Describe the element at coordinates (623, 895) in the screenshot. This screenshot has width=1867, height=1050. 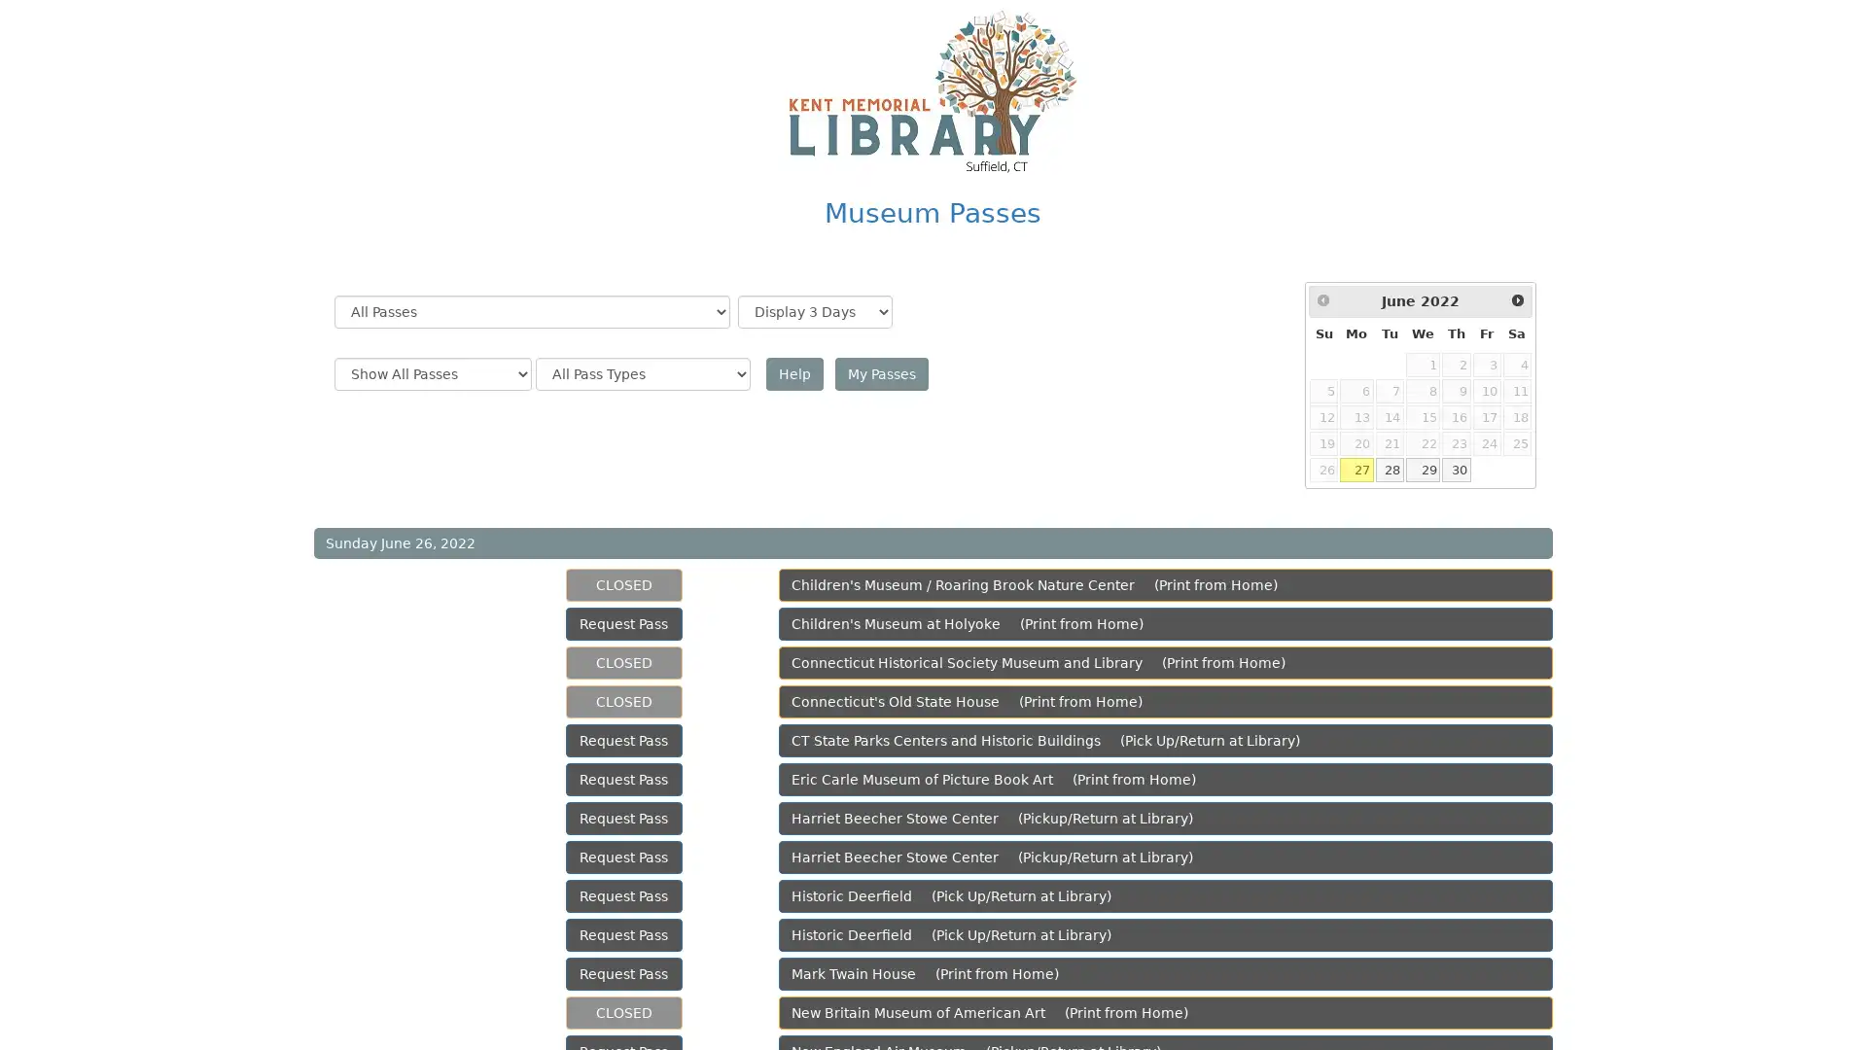
I see `Request Pass` at that location.